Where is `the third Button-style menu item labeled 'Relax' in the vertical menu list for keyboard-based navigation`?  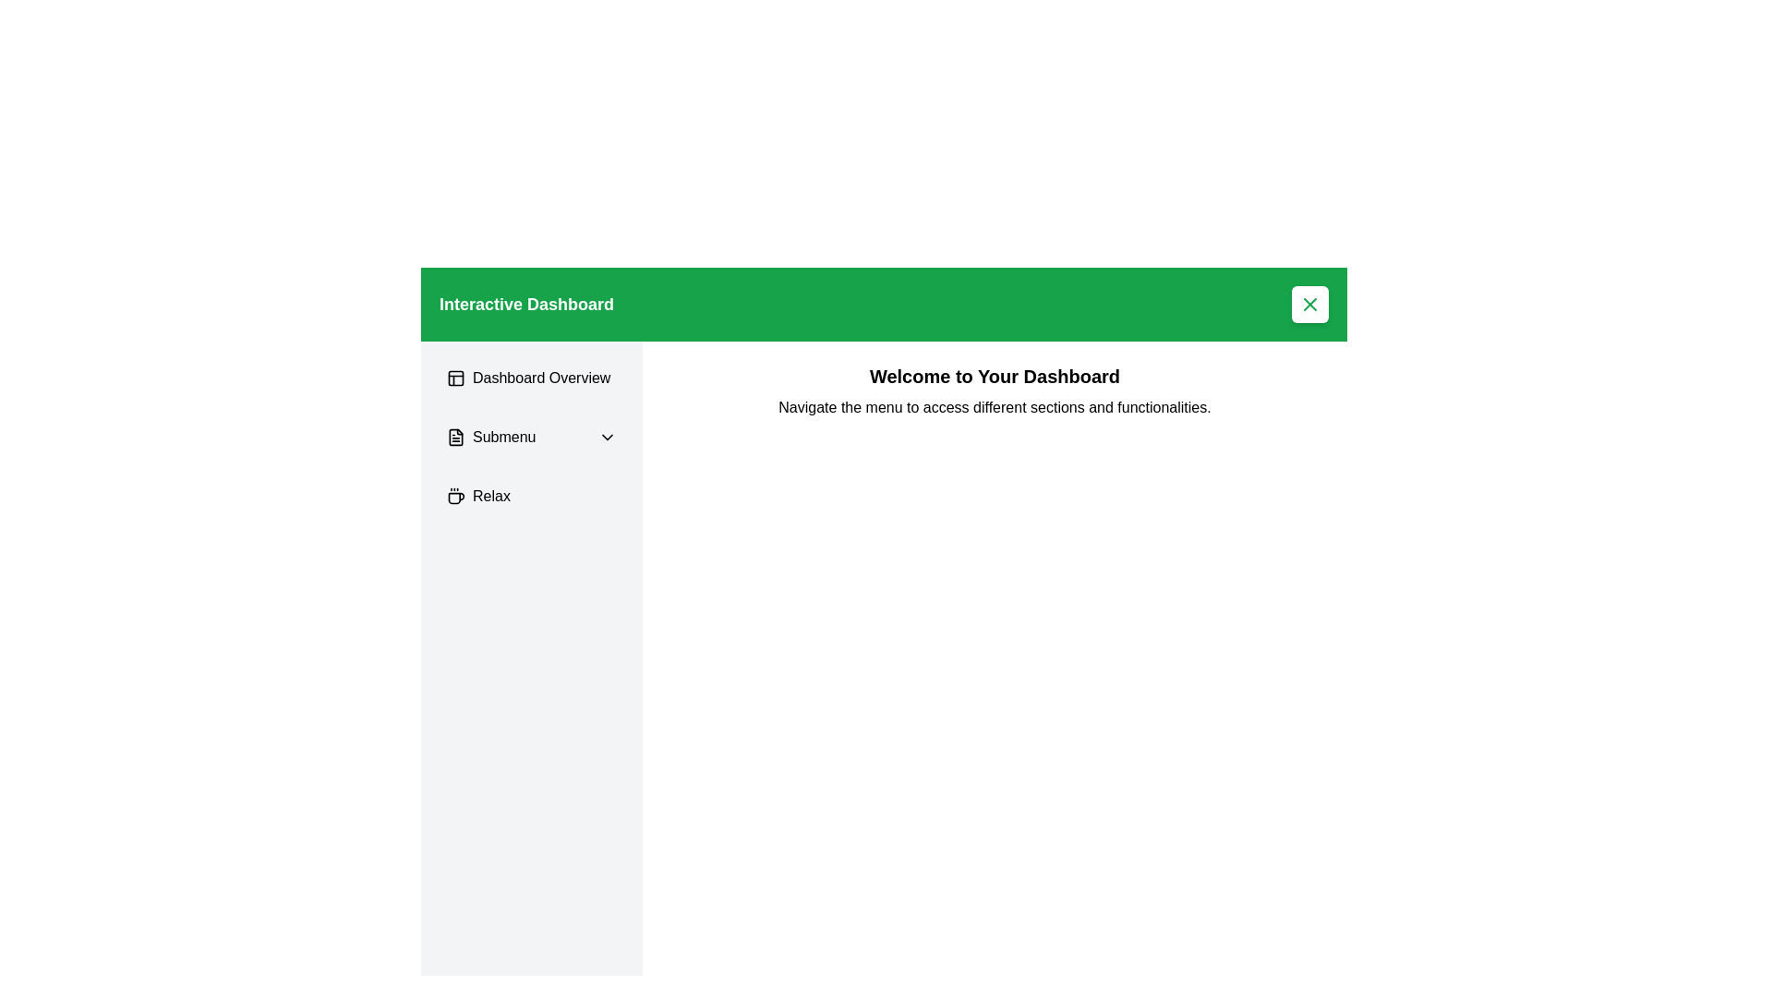
the third Button-style menu item labeled 'Relax' in the vertical menu list for keyboard-based navigation is located at coordinates (531, 495).